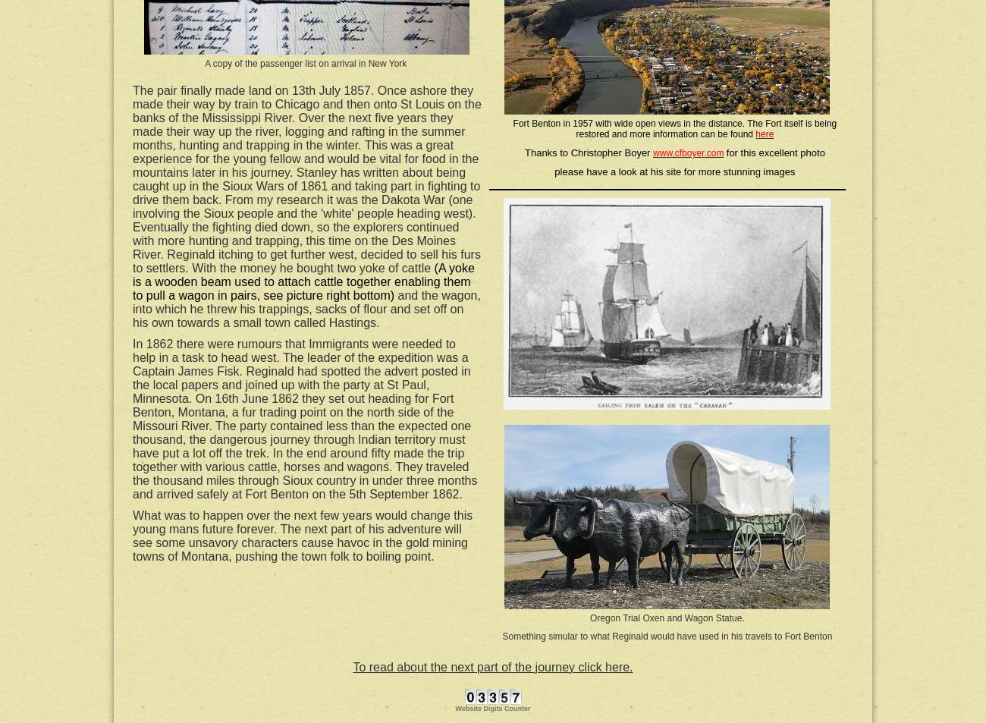  Describe the element at coordinates (512, 128) in the screenshot. I see `'Fort Benton in 1957 with wide open views in the distance. The Fort itself is being restored and more information can be found'` at that location.